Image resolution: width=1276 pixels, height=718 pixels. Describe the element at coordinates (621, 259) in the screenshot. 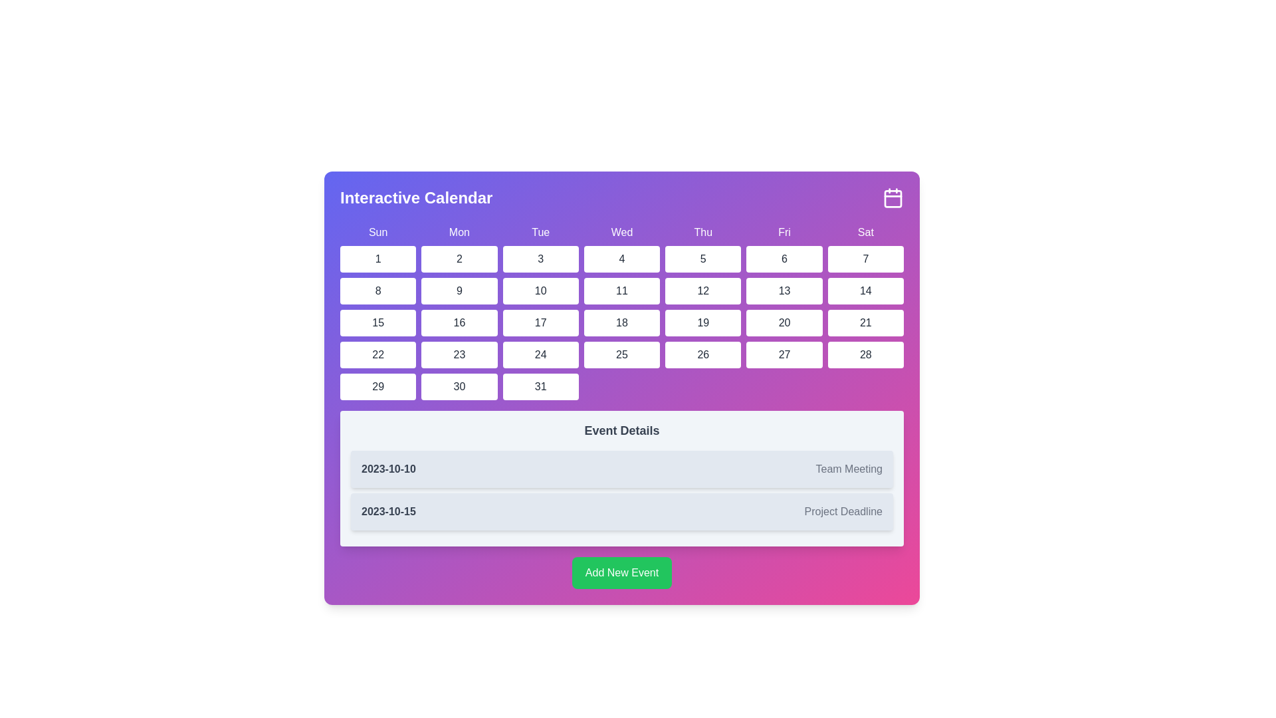

I see `on the button labeled '4' with a white background and gray text, located under the 'Wed' header in the calendar layout` at that location.